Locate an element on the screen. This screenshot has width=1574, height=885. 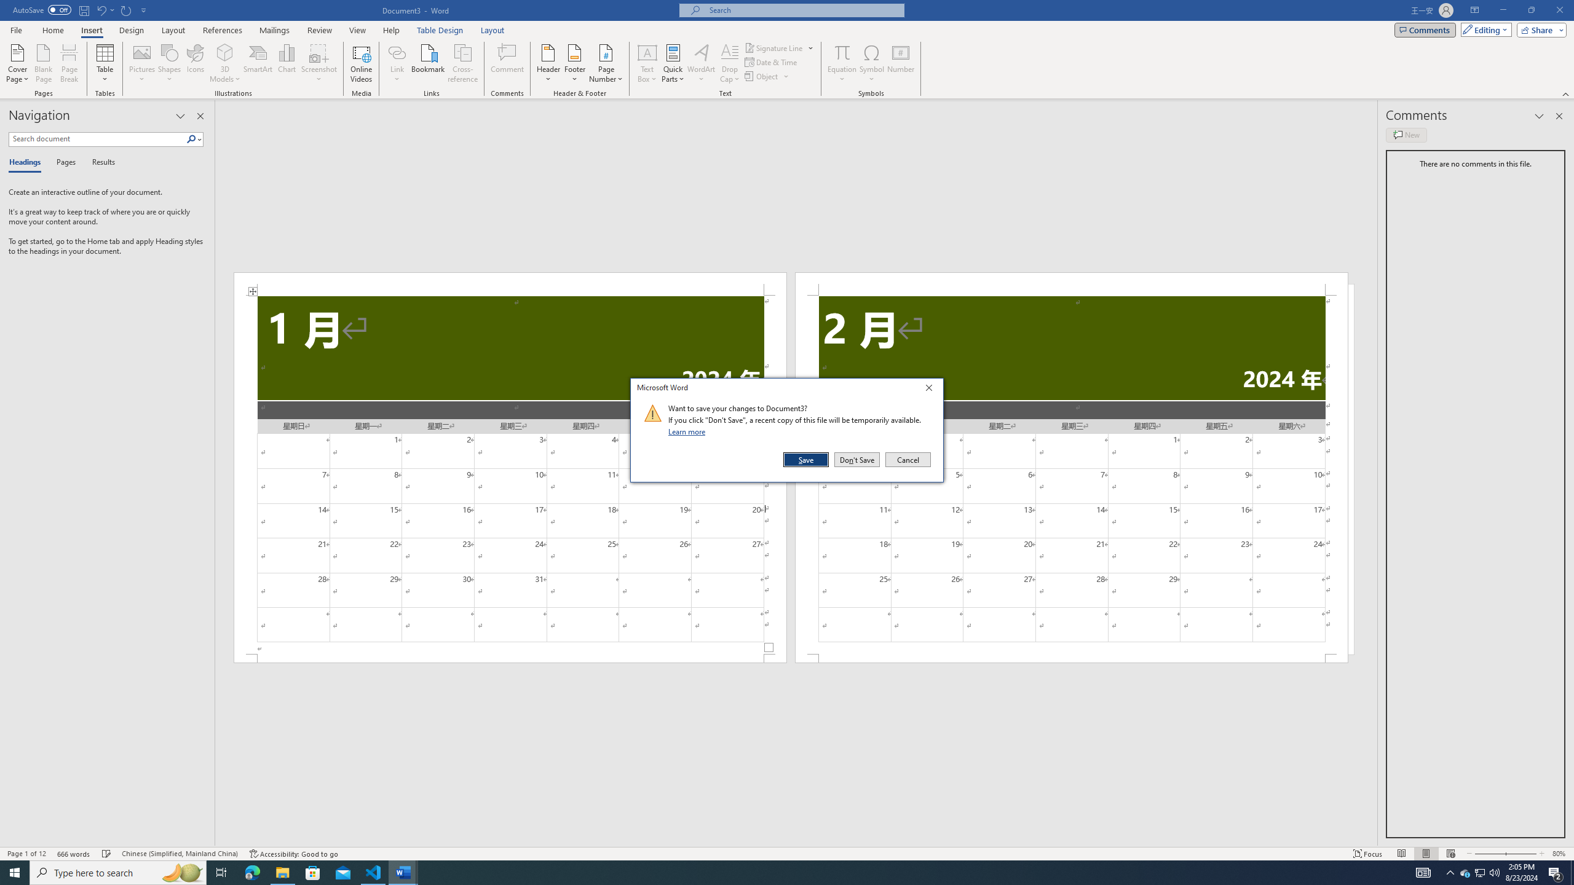
'Page Number' is located at coordinates (606, 63).